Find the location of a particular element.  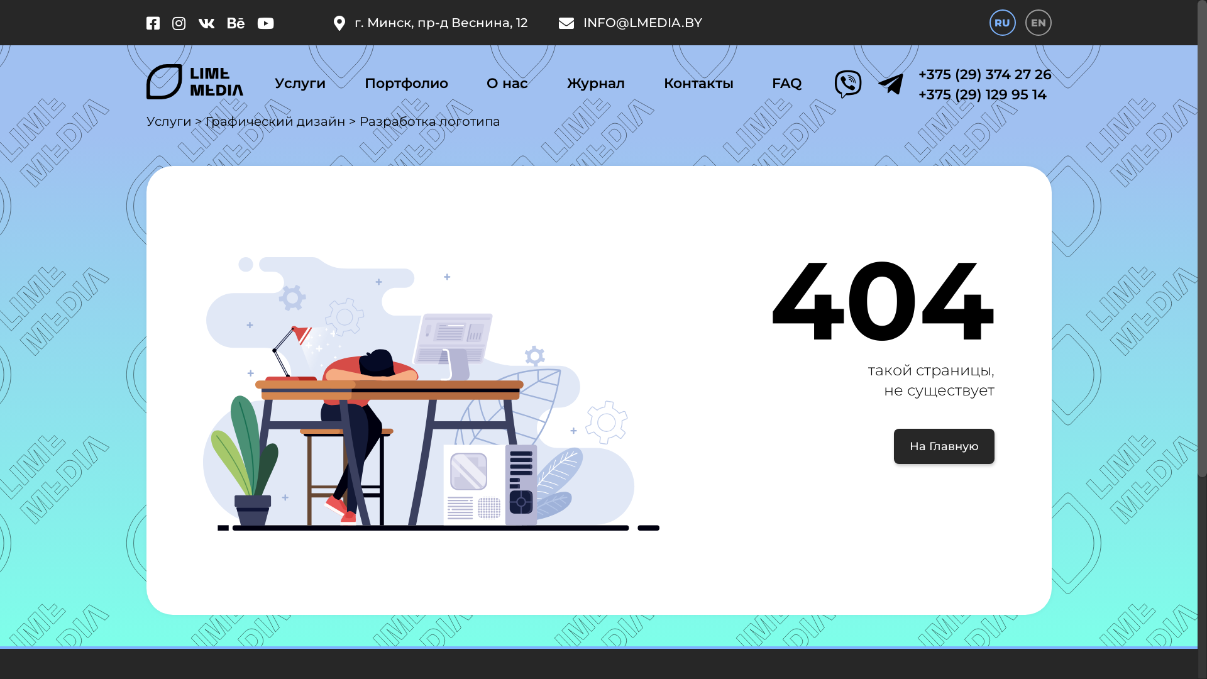

'+375 (29) 374 27 26' is located at coordinates (917, 75).